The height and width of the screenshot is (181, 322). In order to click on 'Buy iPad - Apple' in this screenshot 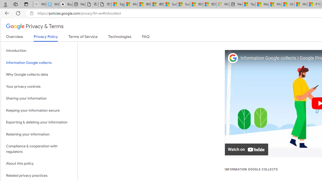, I will do `click(65, 4)`.